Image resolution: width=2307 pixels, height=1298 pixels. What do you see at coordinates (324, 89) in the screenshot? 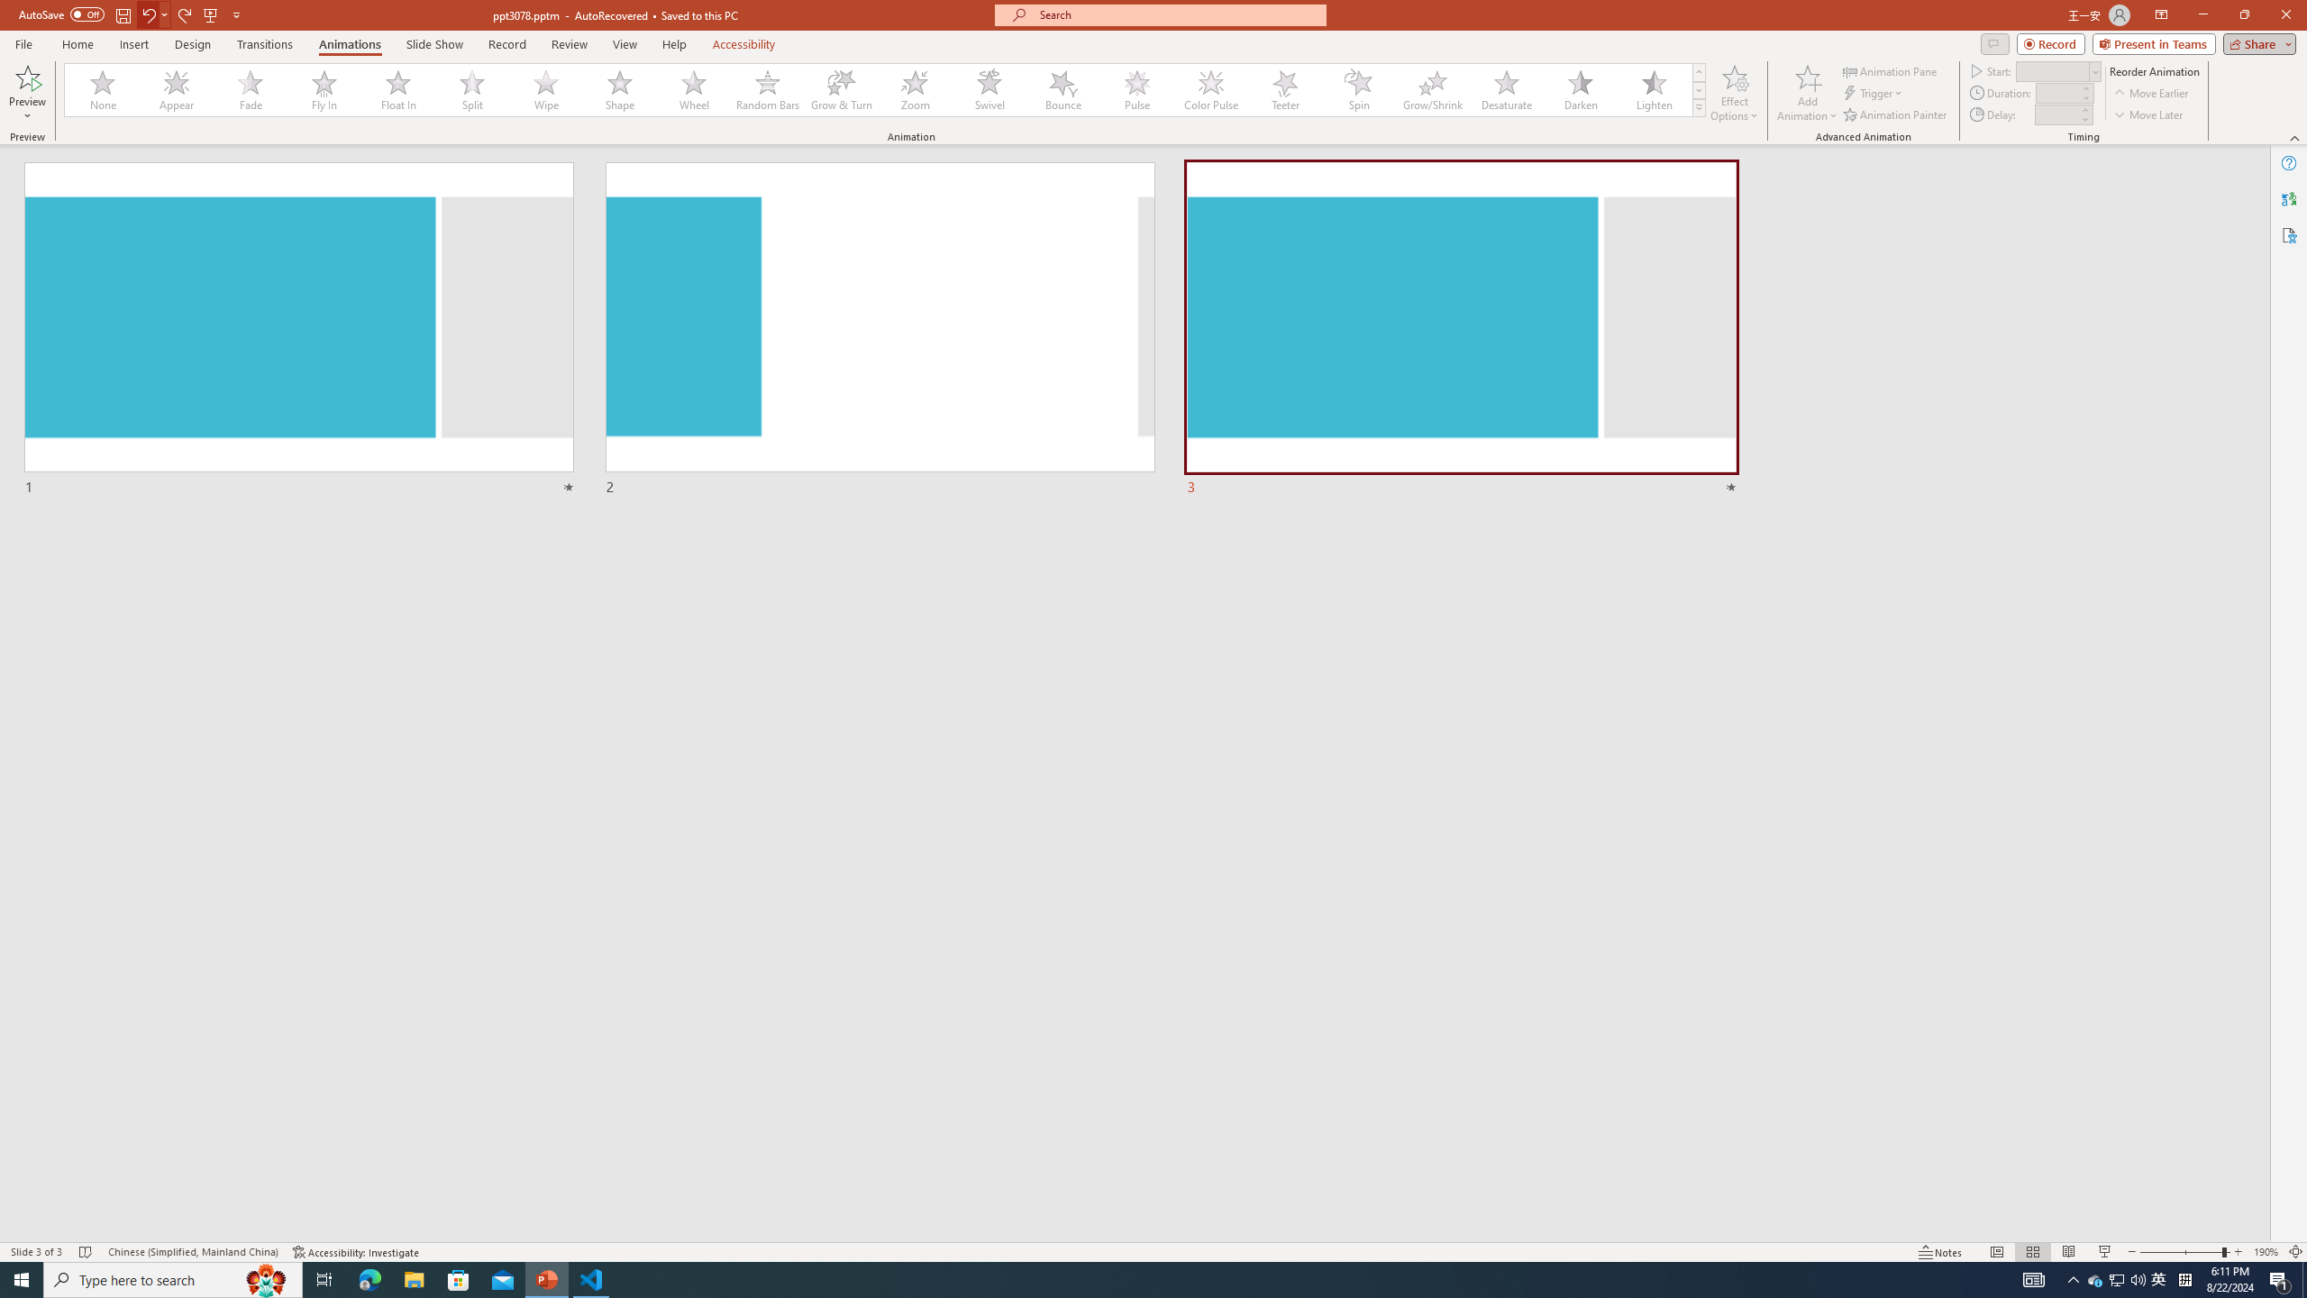
I see `'Fly In'` at bounding box center [324, 89].